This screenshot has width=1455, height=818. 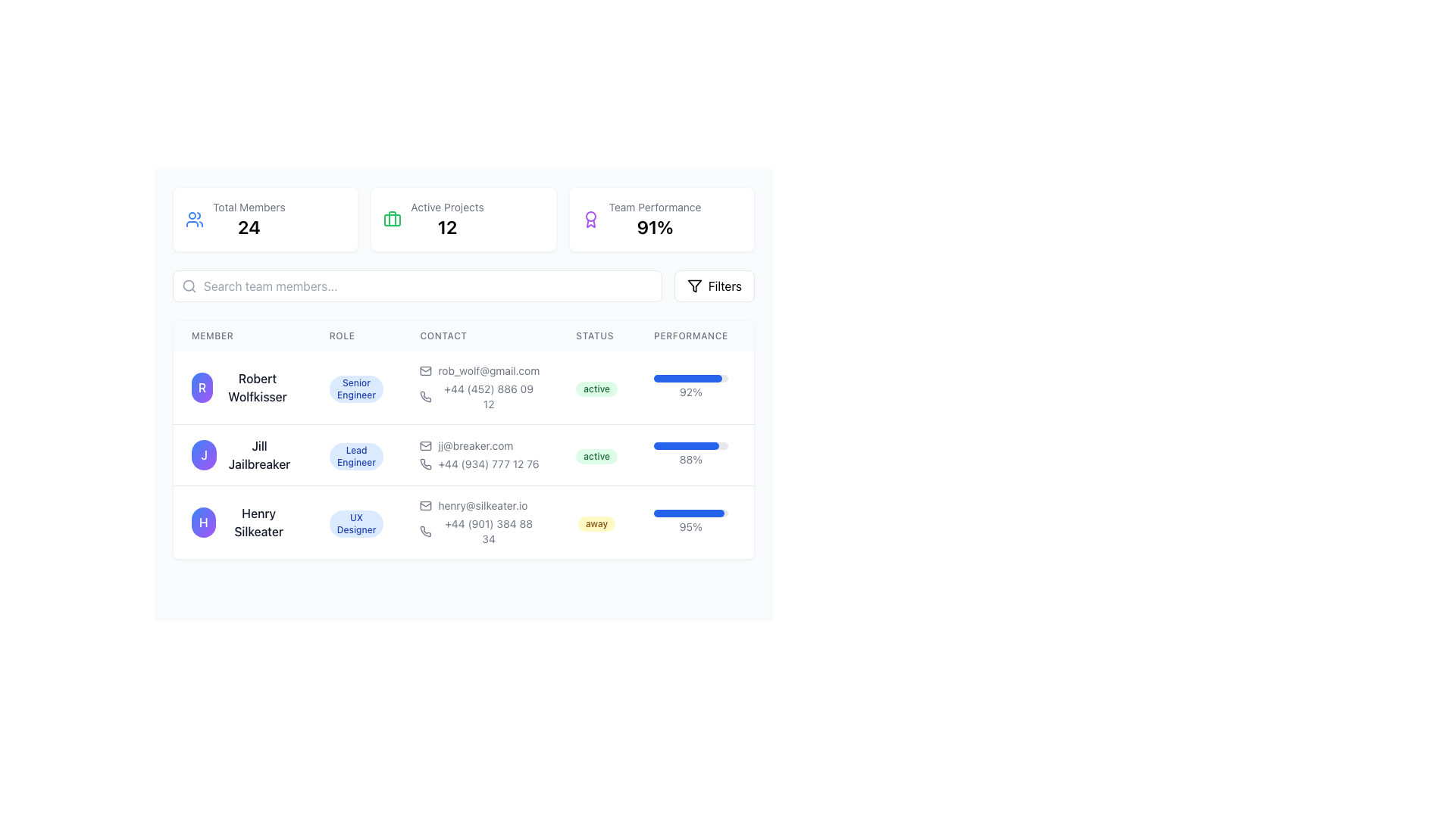 What do you see at coordinates (355, 521) in the screenshot?
I see `the label indicating the role of 'Henry Silkeater' in the organizational structure, located under the 'Role' column in the third row of the list` at bounding box center [355, 521].